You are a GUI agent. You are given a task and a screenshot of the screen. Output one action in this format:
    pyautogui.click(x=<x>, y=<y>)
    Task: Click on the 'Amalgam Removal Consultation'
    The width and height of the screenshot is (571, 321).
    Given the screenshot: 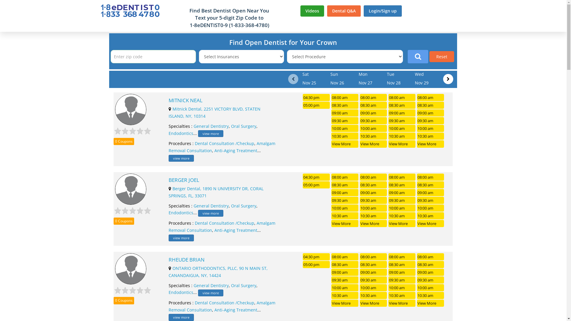 What is the action you would take?
    pyautogui.click(x=222, y=147)
    